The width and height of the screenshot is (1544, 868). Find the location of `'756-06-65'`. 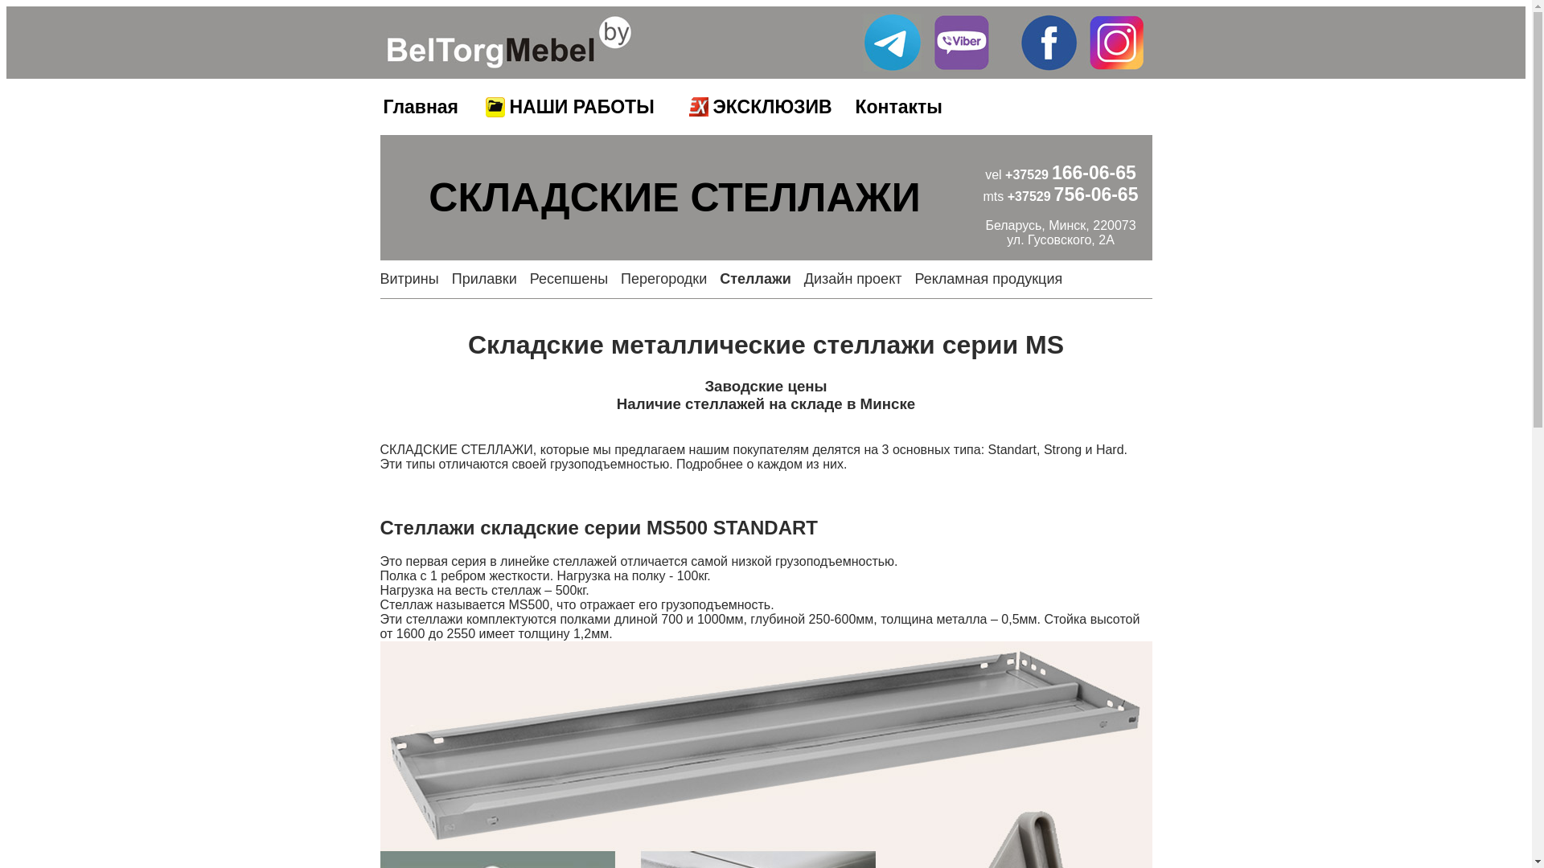

'756-06-65' is located at coordinates (1095, 194).